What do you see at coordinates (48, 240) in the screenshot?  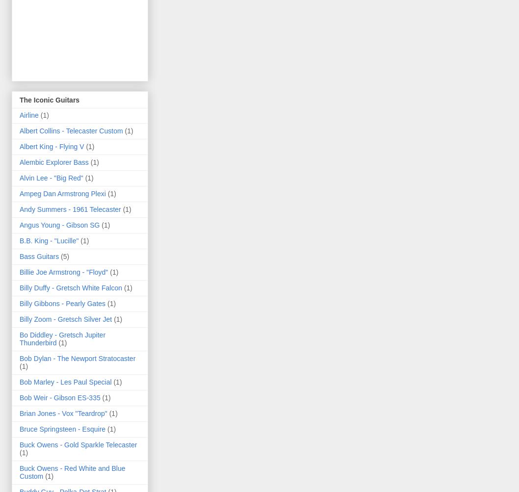 I see `'B.B. King - "Lucille"'` at bounding box center [48, 240].